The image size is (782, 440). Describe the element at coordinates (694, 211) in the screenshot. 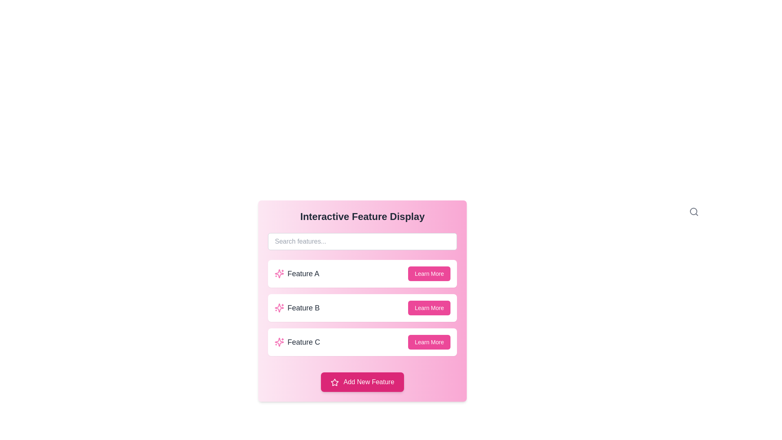

I see `the search icon represented by an SVG, which is positioned at the top right corner of the 'Search features...' text input field` at that location.